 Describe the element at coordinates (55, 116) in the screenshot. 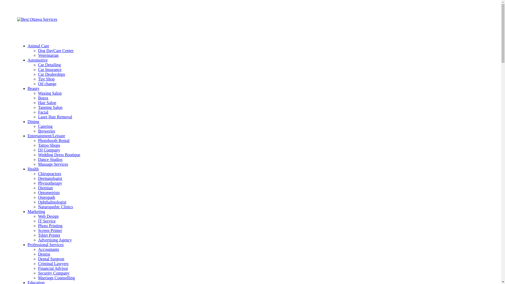

I see `'Laser Hair Removal'` at that location.